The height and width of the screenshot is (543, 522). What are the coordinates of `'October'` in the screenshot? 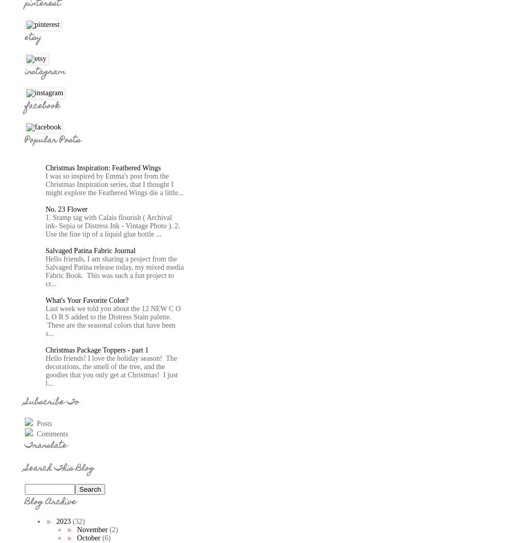 It's located at (89, 538).